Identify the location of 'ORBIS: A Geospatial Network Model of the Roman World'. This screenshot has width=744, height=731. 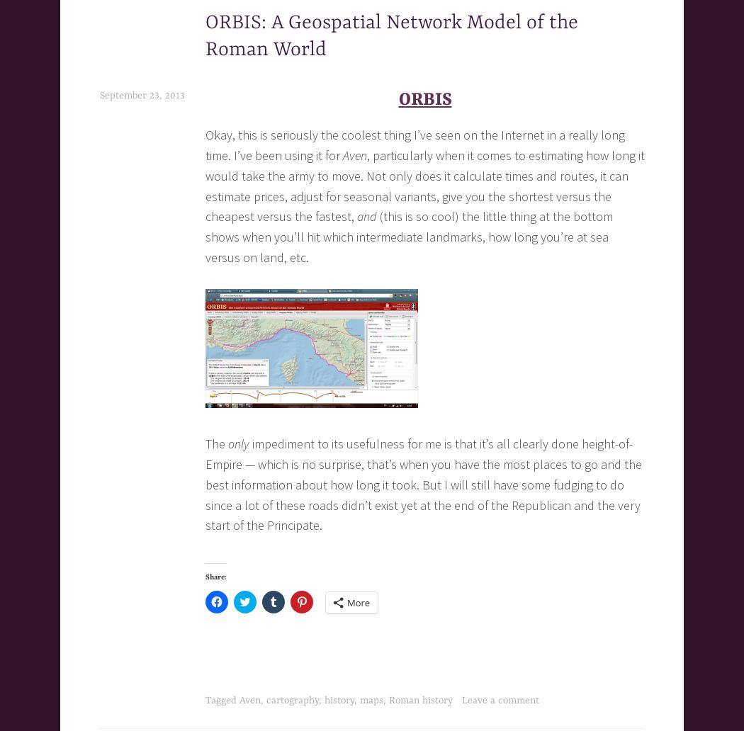
(392, 36).